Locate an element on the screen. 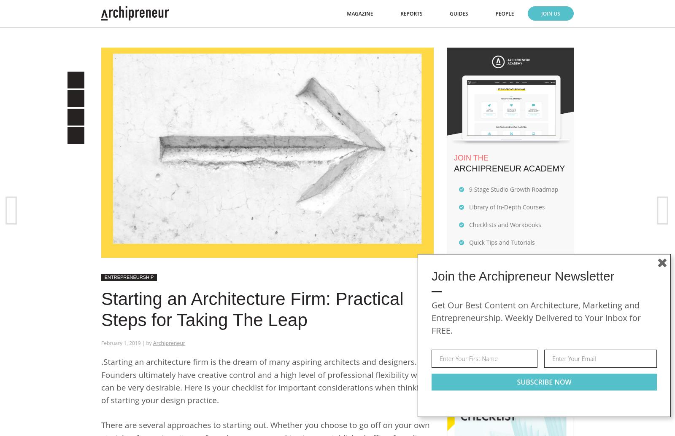 The height and width of the screenshot is (436, 675). 'Entrepreneurship' is located at coordinates (129, 276).